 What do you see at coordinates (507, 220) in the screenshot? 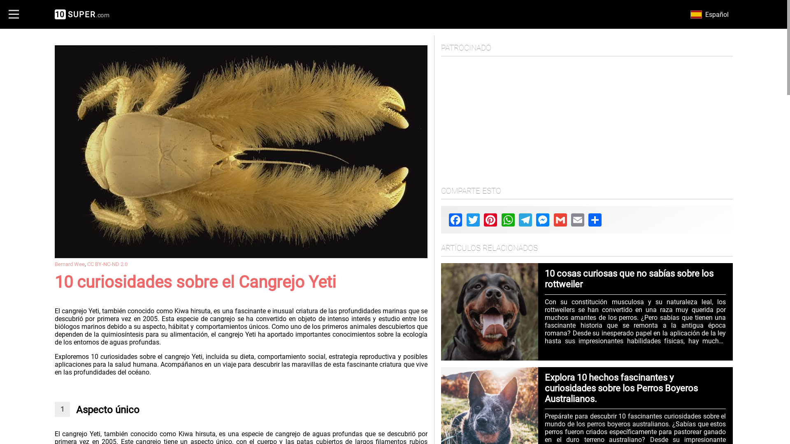
I see `'WhatsApp'` at bounding box center [507, 220].